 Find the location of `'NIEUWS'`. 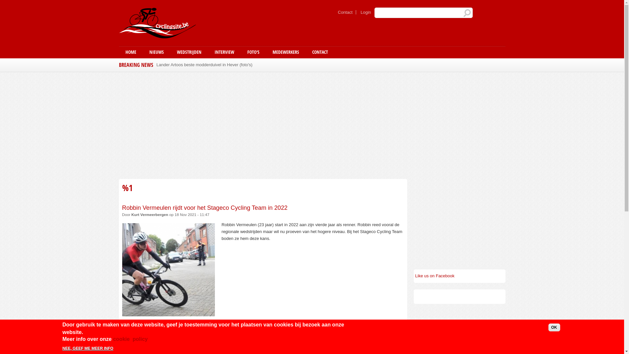

'NIEUWS' is located at coordinates (143, 52).